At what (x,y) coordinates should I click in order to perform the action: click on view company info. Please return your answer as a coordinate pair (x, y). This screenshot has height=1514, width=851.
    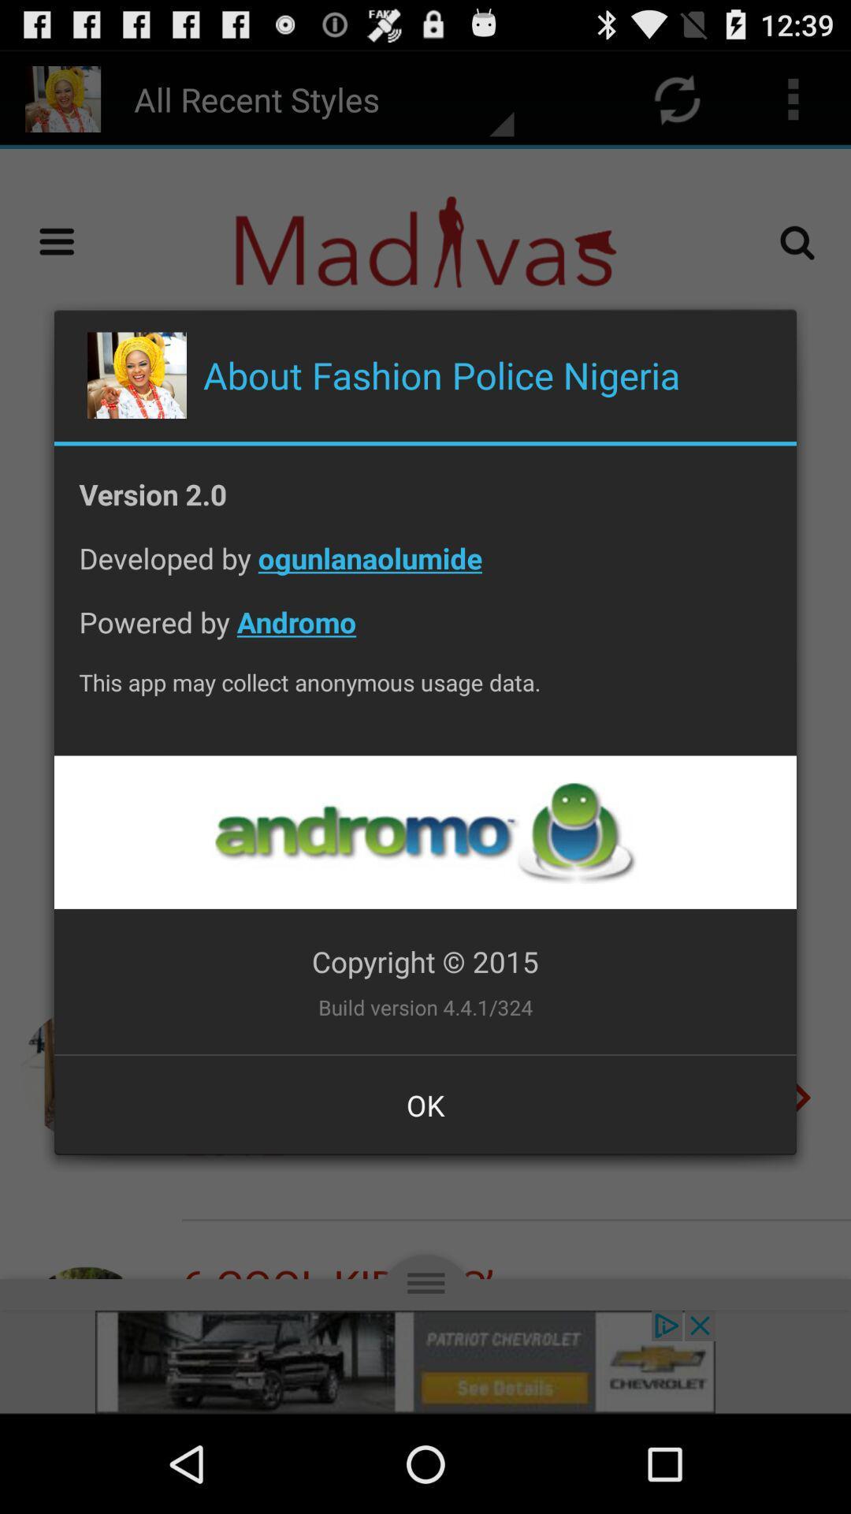
    Looking at the image, I should click on (424, 831).